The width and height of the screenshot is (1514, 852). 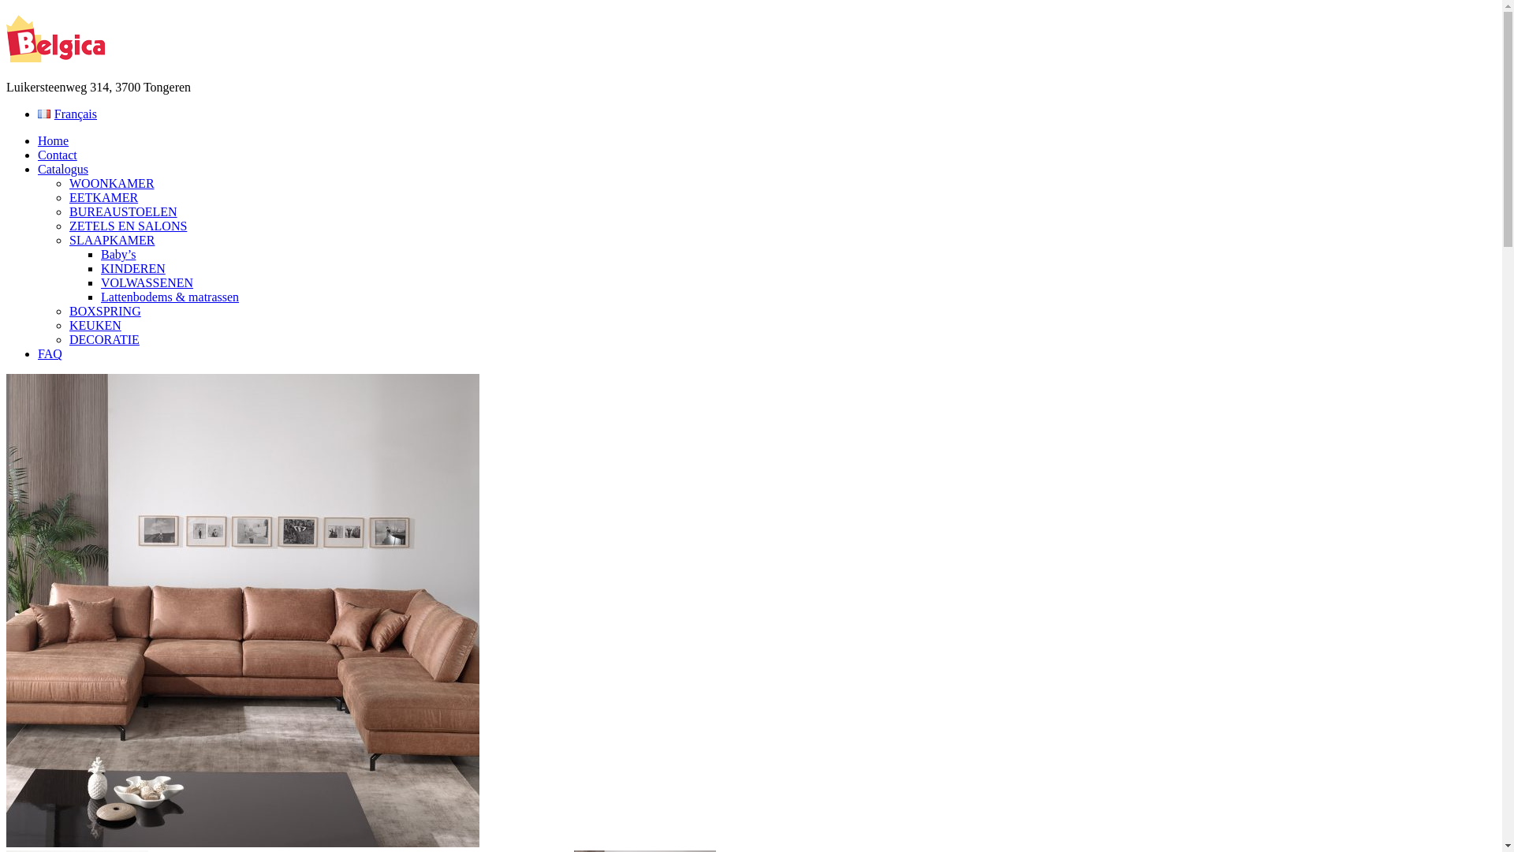 I want to click on 'KINDEREN', so click(x=132, y=267).